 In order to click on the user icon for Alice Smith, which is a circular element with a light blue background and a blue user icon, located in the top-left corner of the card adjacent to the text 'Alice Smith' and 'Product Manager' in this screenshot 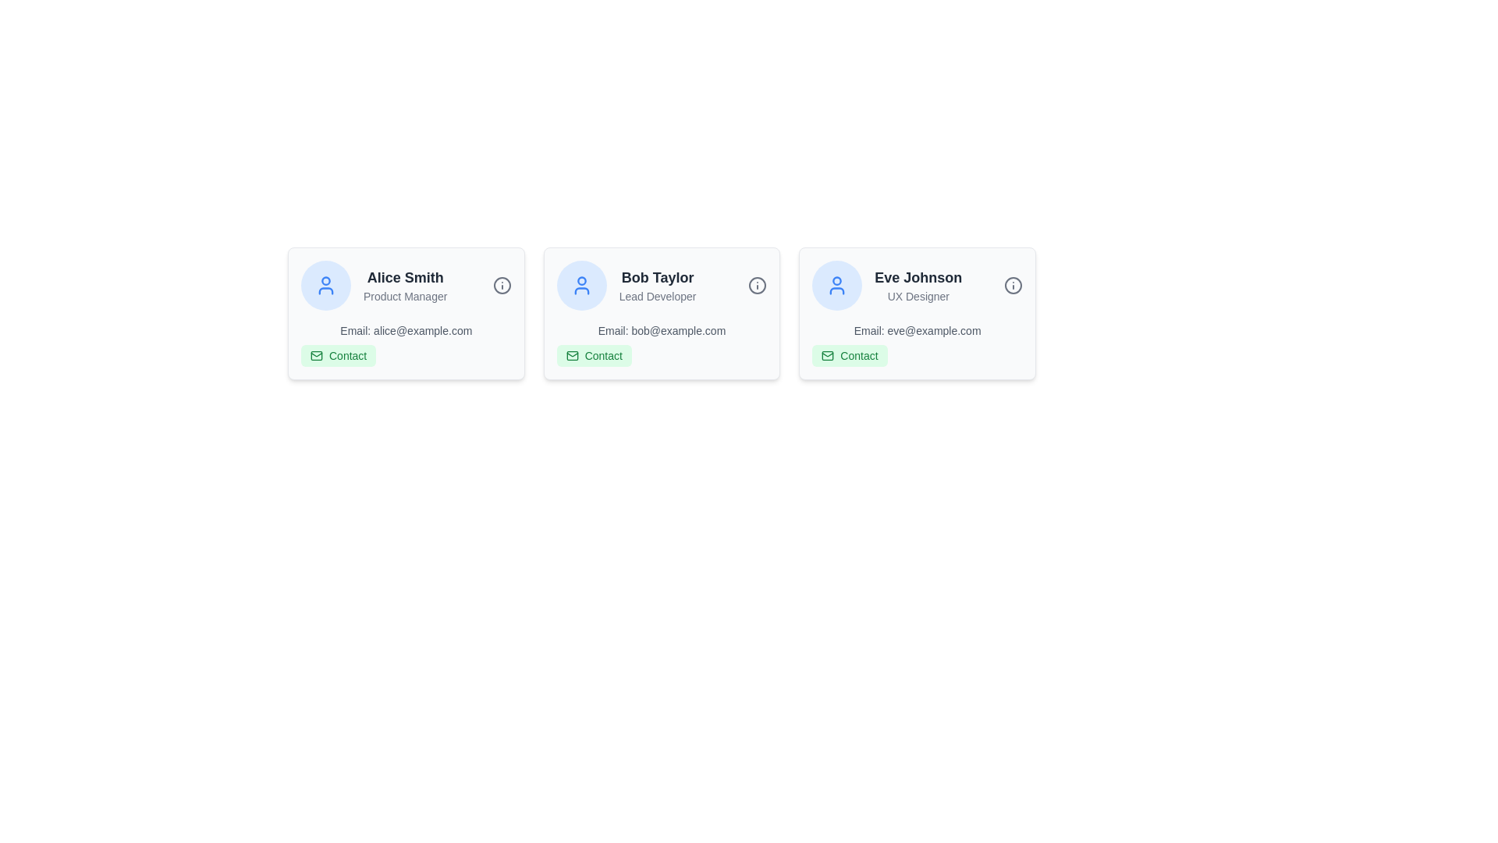, I will do `click(325, 286)`.